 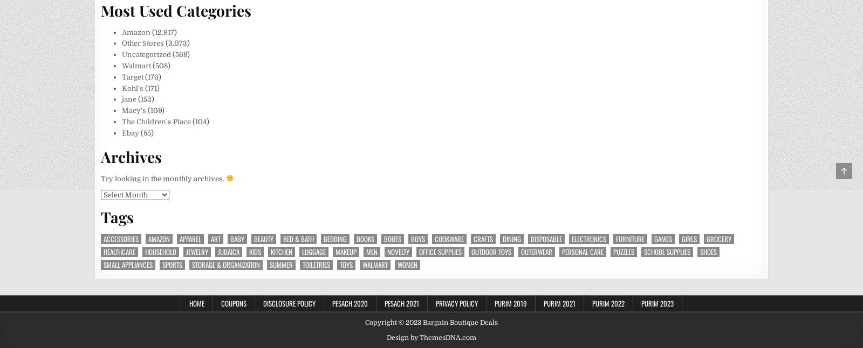 What do you see at coordinates (170, 54) in the screenshot?
I see `'(569)'` at bounding box center [170, 54].